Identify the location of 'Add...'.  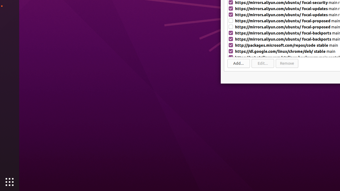
(238, 63).